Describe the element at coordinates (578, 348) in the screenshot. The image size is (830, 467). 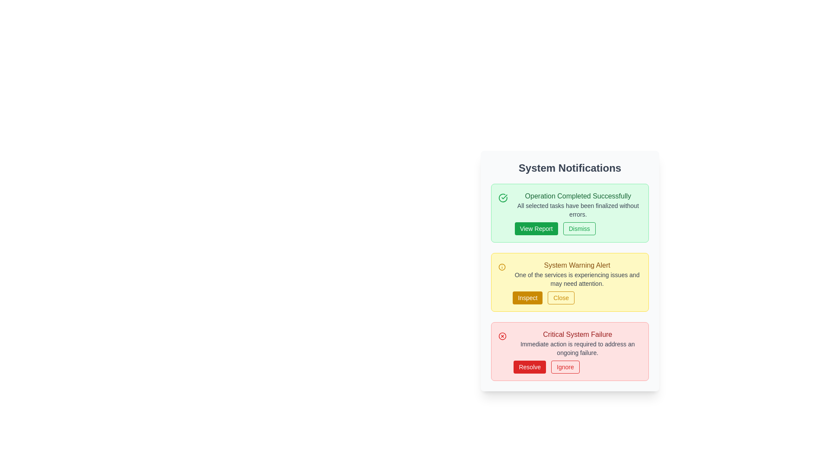
I see `the text label providing detailed information about the critical system failure, positioned below the heading 'Critical System Failure' and above the 'Resolve' and 'Ignore' buttons` at that location.